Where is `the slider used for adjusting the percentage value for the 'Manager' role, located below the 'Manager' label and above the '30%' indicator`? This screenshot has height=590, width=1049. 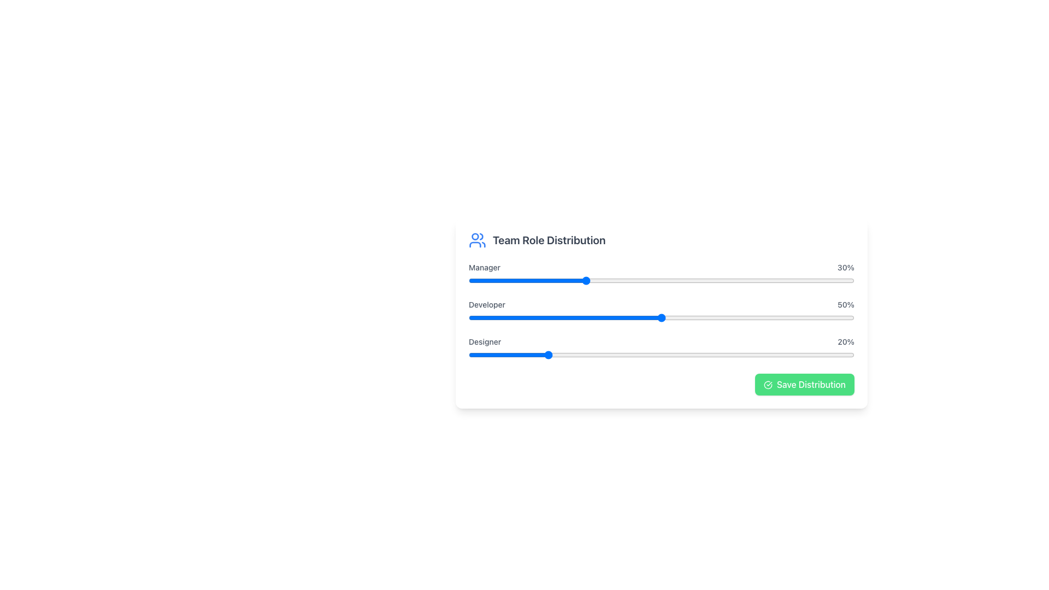 the slider used for adjusting the percentage value for the 'Manager' role, located below the 'Manager' label and above the '30%' indicator is located at coordinates (661, 280).